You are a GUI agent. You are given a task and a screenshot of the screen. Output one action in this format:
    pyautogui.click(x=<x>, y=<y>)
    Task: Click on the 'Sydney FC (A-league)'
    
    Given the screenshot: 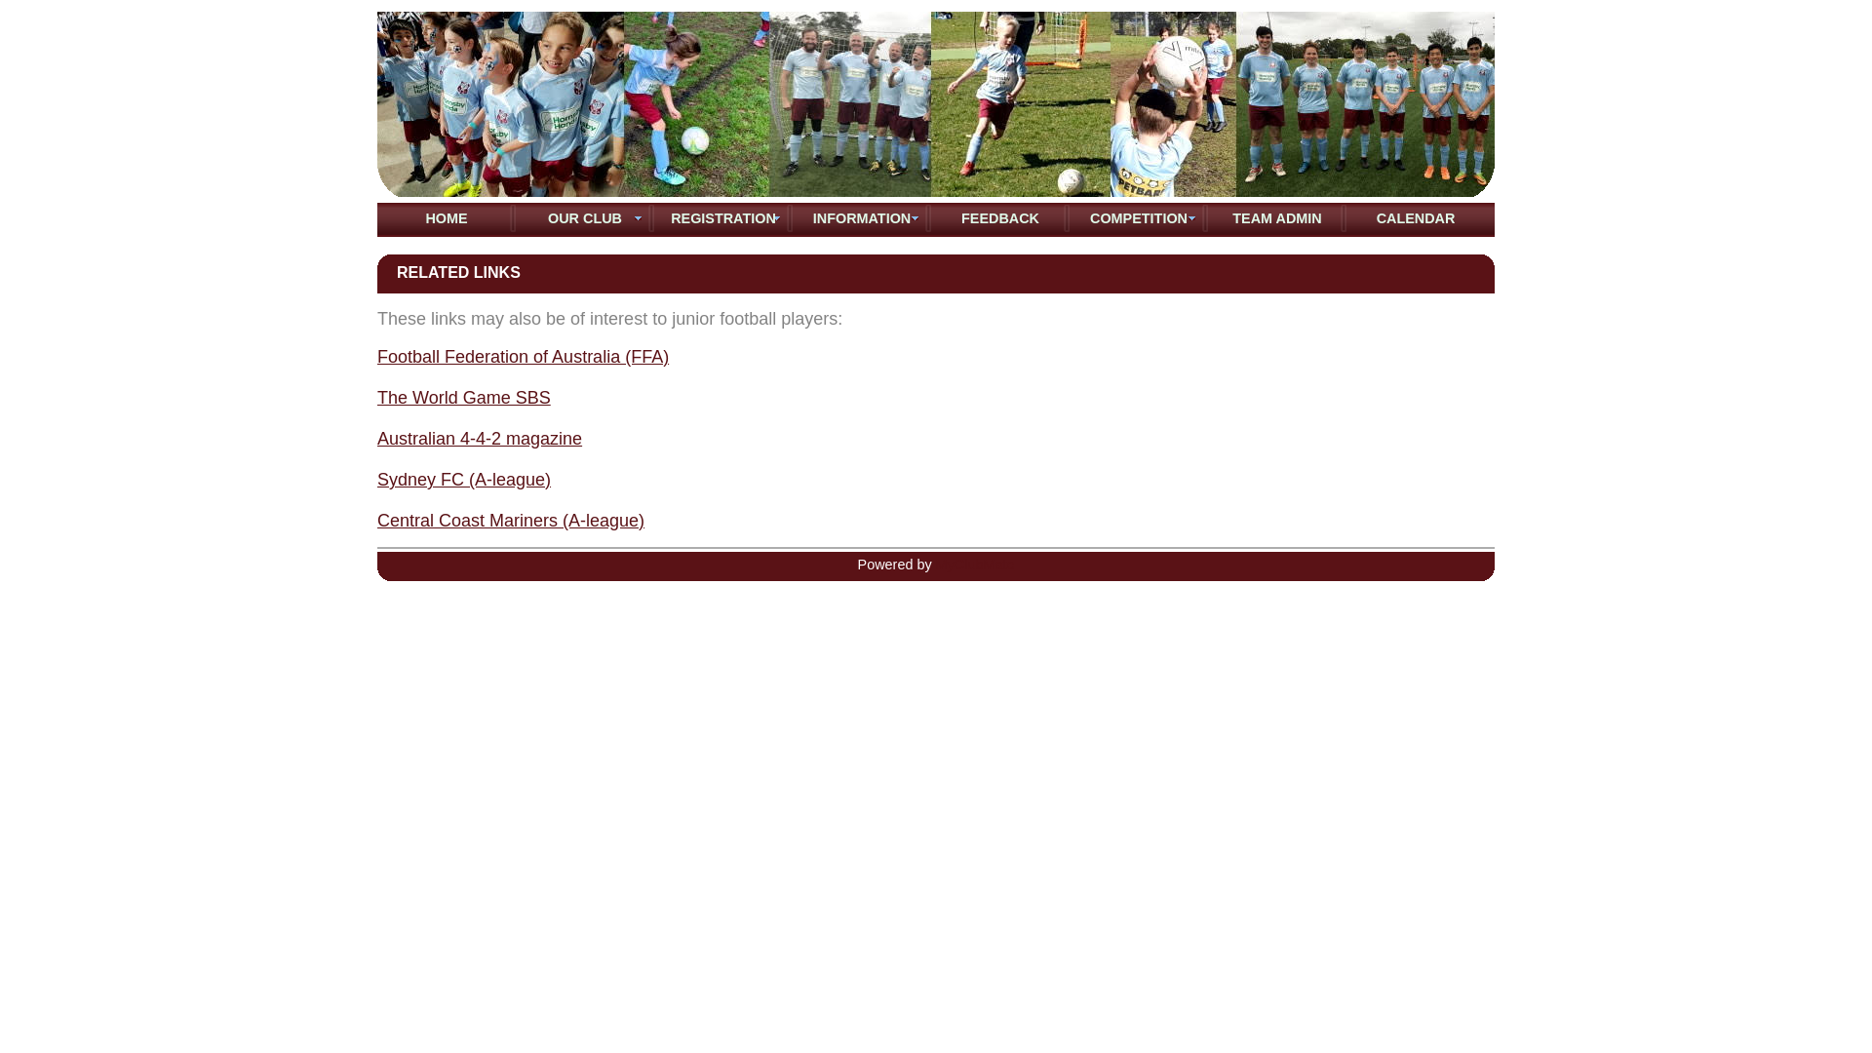 What is the action you would take?
    pyautogui.click(x=377, y=480)
    